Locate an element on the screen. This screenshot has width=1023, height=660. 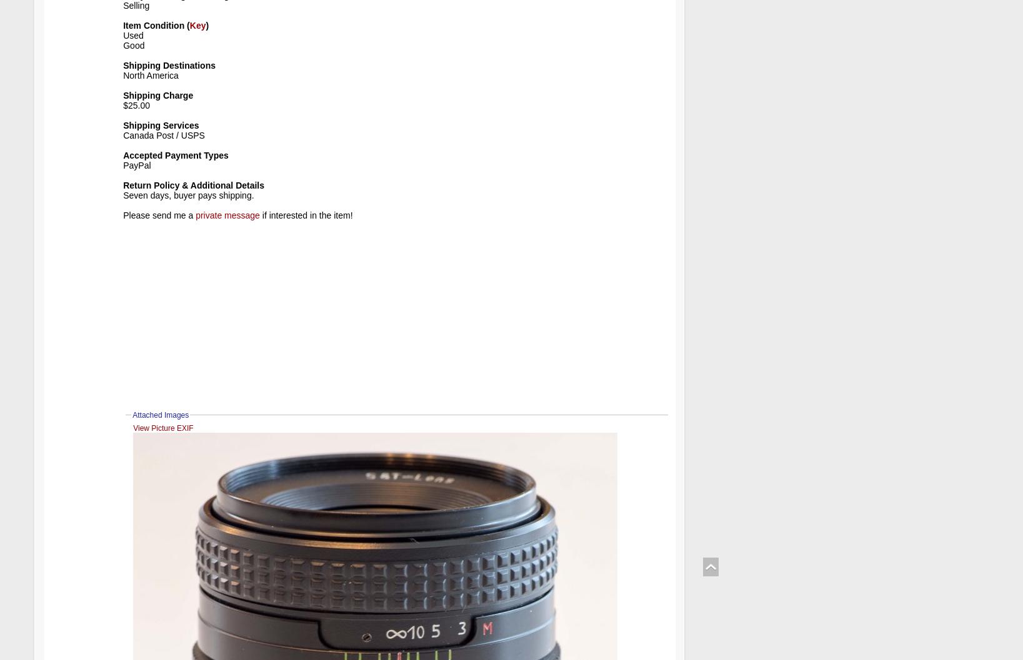
'North America' is located at coordinates (122, 74).